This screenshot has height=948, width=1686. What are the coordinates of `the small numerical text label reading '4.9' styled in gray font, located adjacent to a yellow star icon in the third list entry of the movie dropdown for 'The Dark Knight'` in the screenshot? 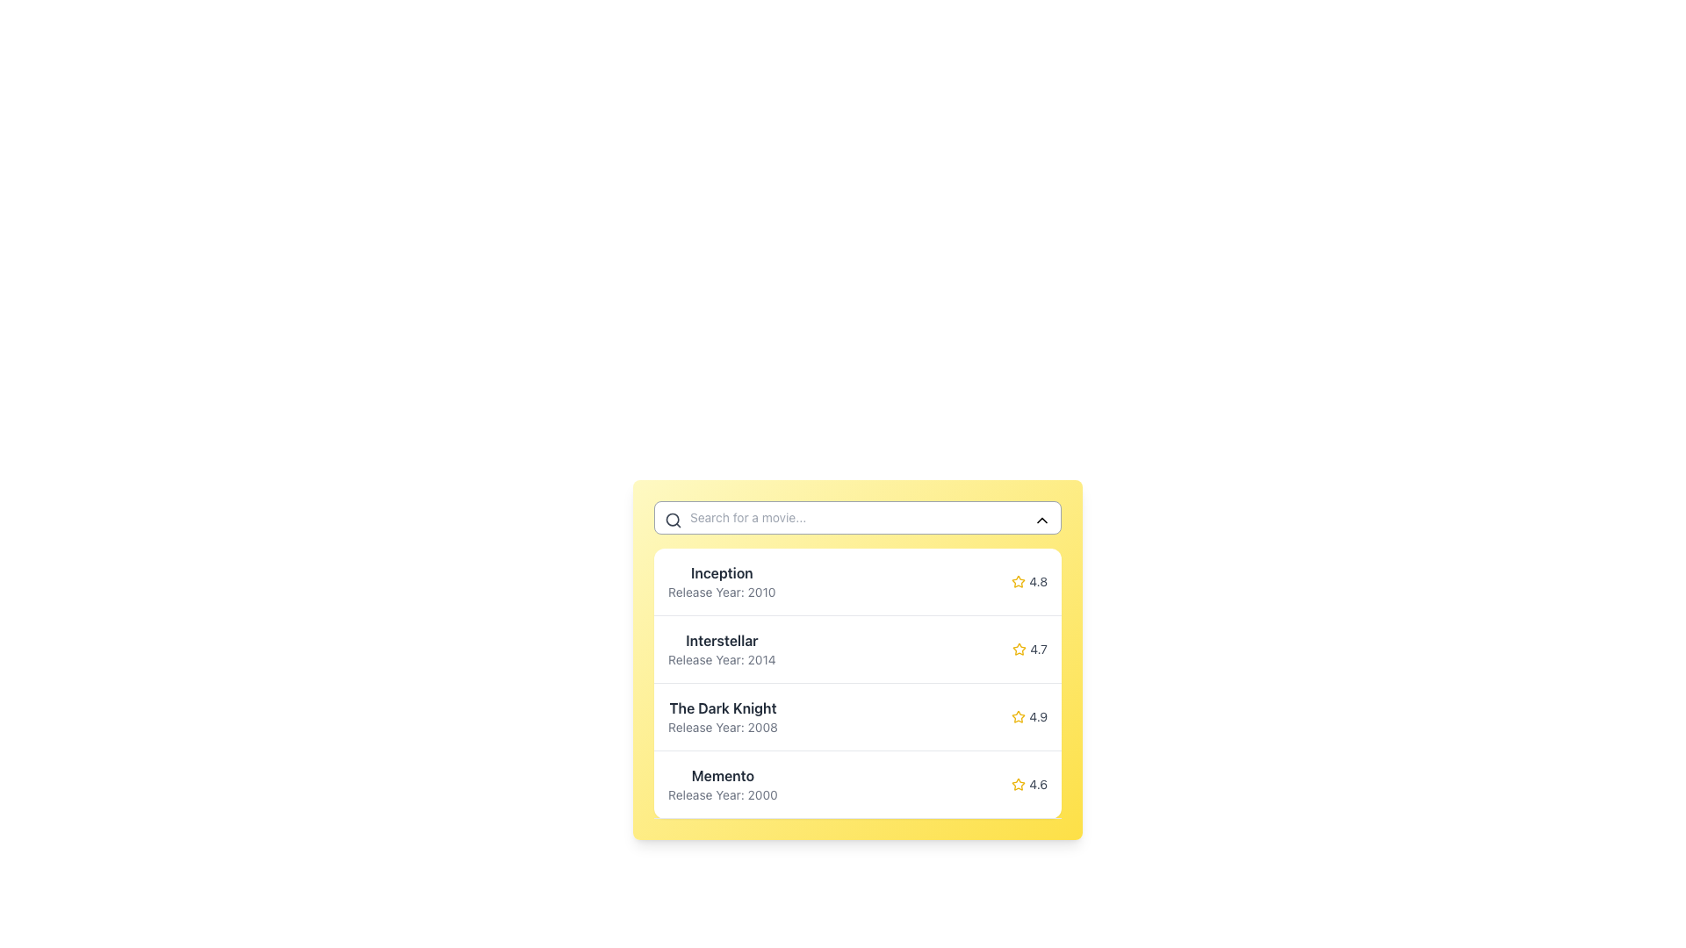 It's located at (1038, 717).